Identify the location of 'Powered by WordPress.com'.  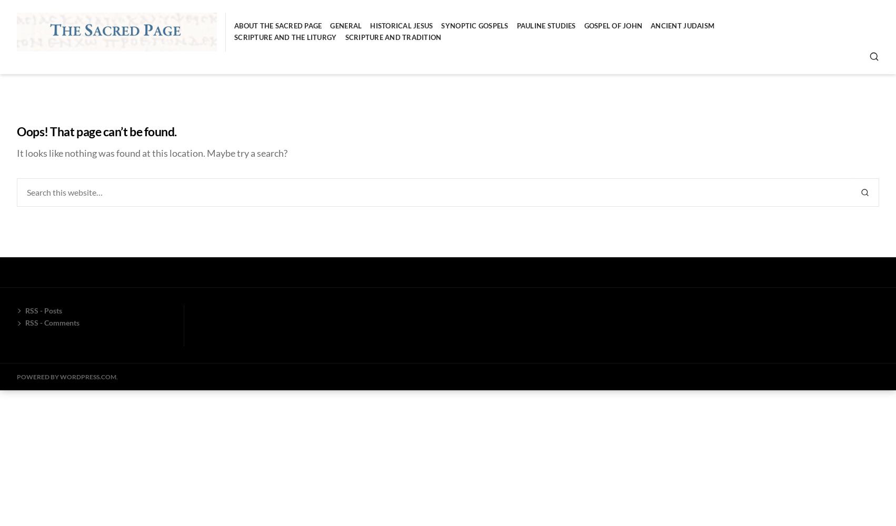
(66, 376).